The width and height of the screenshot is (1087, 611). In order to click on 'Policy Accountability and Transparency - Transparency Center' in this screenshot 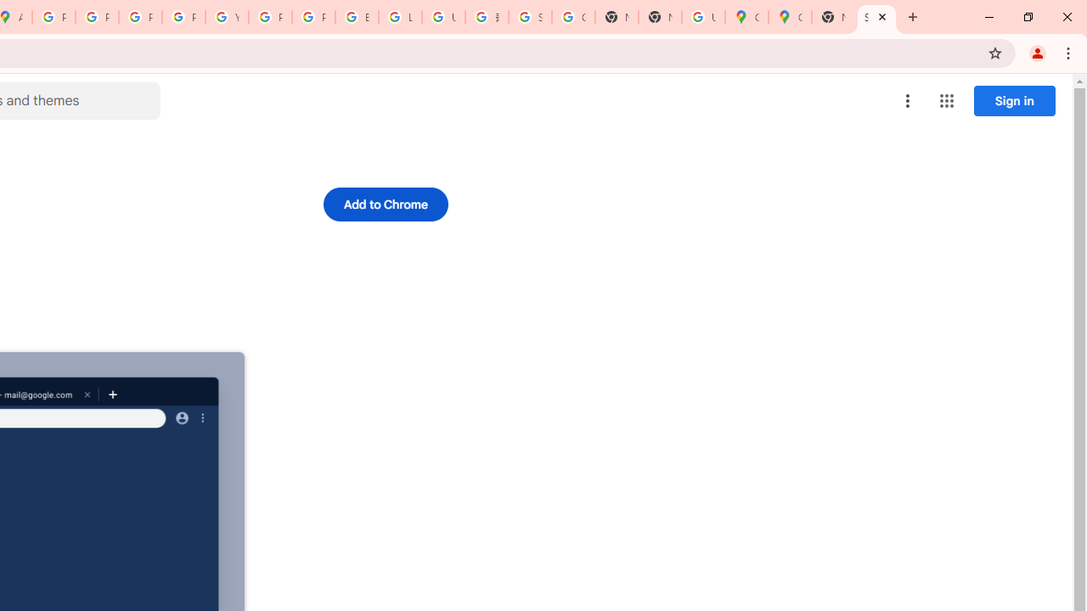, I will do `click(54, 17)`.